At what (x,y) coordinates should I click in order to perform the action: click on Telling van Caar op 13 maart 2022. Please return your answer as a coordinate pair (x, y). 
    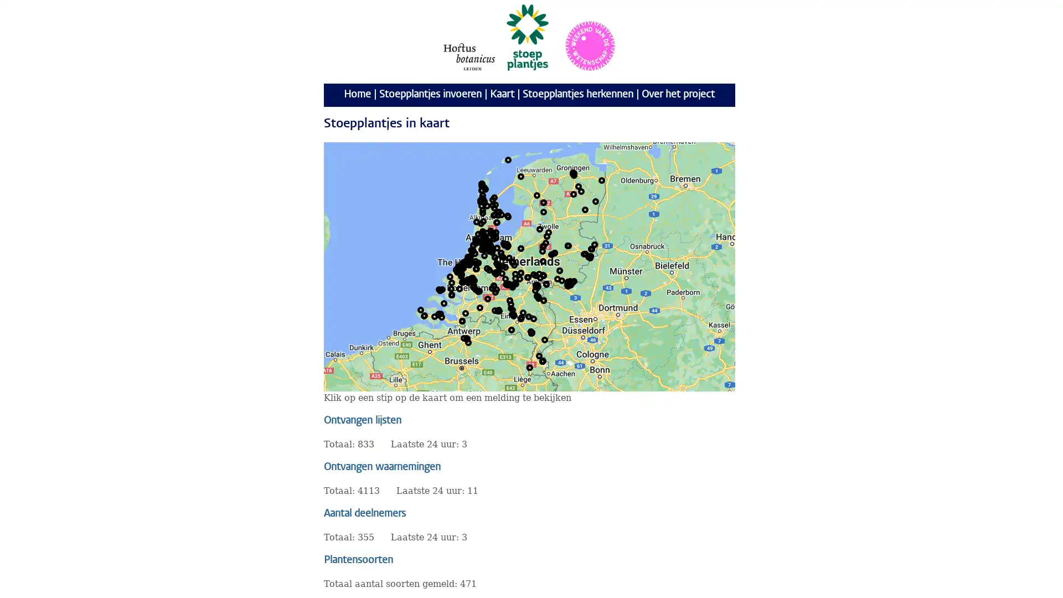
    Looking at the image, I should click on (467, 262).